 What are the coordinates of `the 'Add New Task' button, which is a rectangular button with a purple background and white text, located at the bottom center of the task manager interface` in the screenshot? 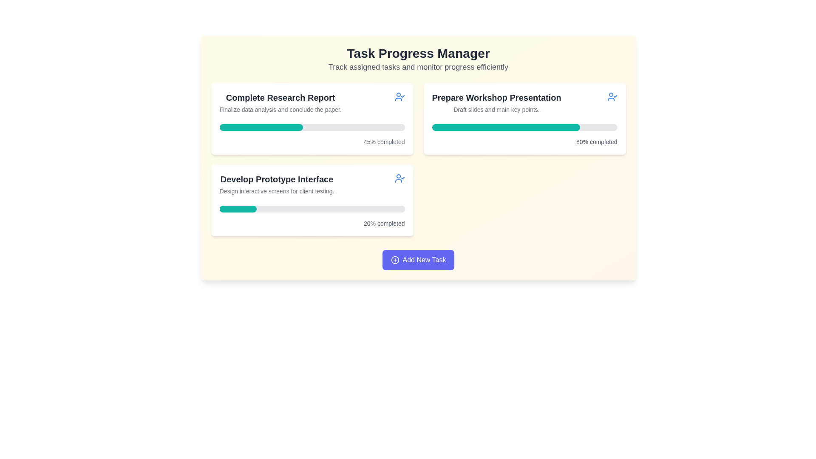 It's located at (418, 260).